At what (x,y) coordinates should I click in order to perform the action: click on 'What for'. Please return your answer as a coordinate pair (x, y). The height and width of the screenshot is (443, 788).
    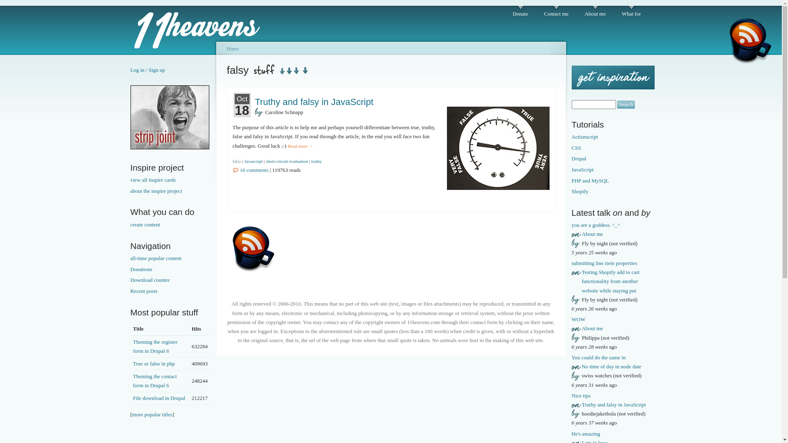
    Looking at the image, I should click on (631, 12).